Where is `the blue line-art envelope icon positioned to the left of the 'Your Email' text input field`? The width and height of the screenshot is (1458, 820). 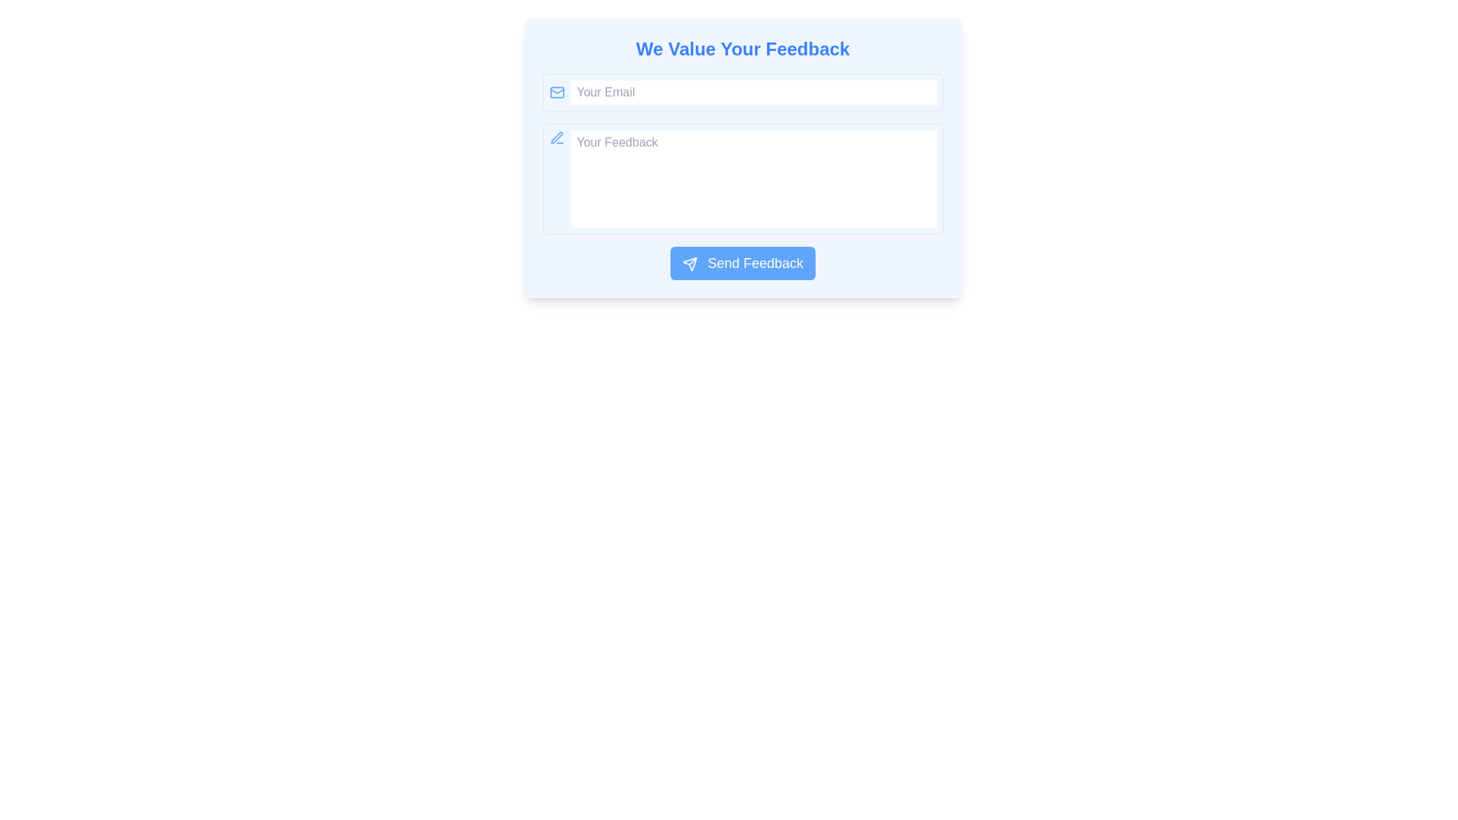
the blue line-art envelope icon positioned to the left of the 'Your Email' text input field is located at coordinates (556, 93).